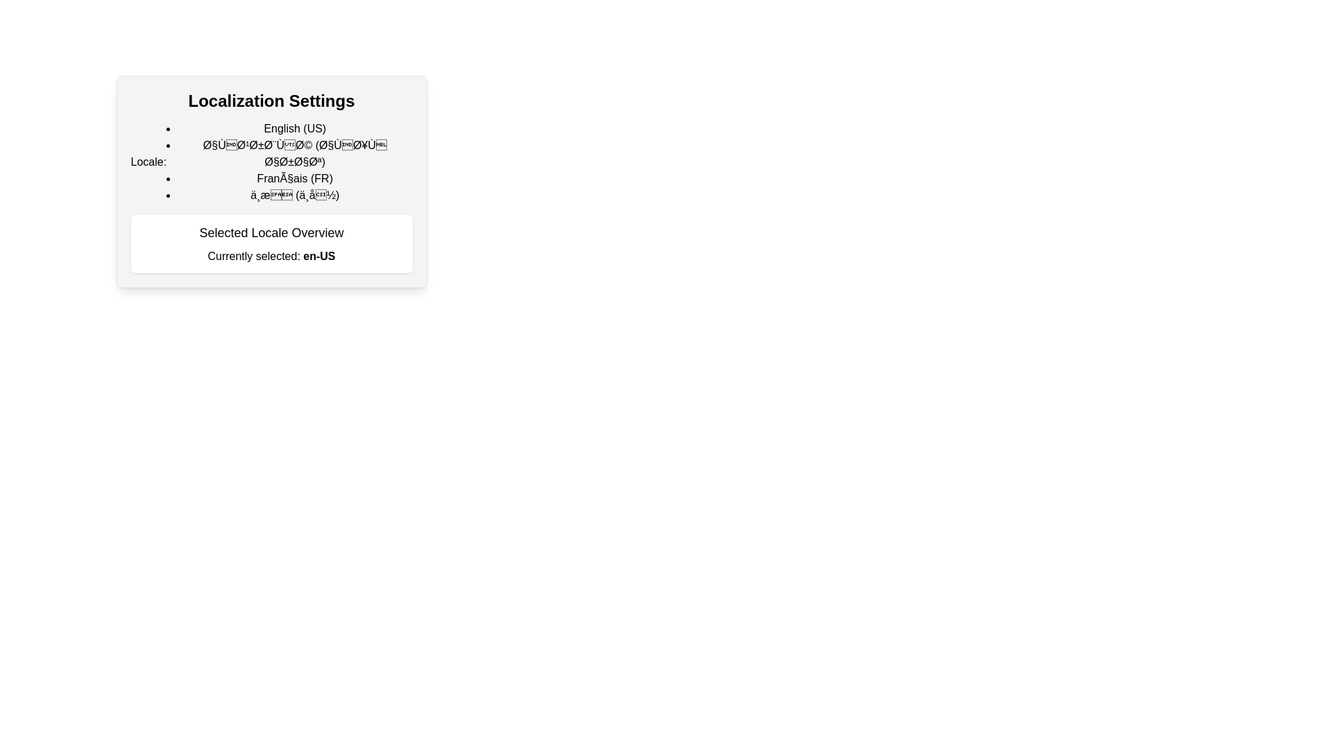  What do you see at coordinates (294, 195) in the screenshot?
I see `the '中文 (中国)' language selector text item located in the bullet-point list under the 'Localization Settings' section, positioned below 'Français (FR)' and above 'Selected Locale Overview'` at bounding box center [294, 195].